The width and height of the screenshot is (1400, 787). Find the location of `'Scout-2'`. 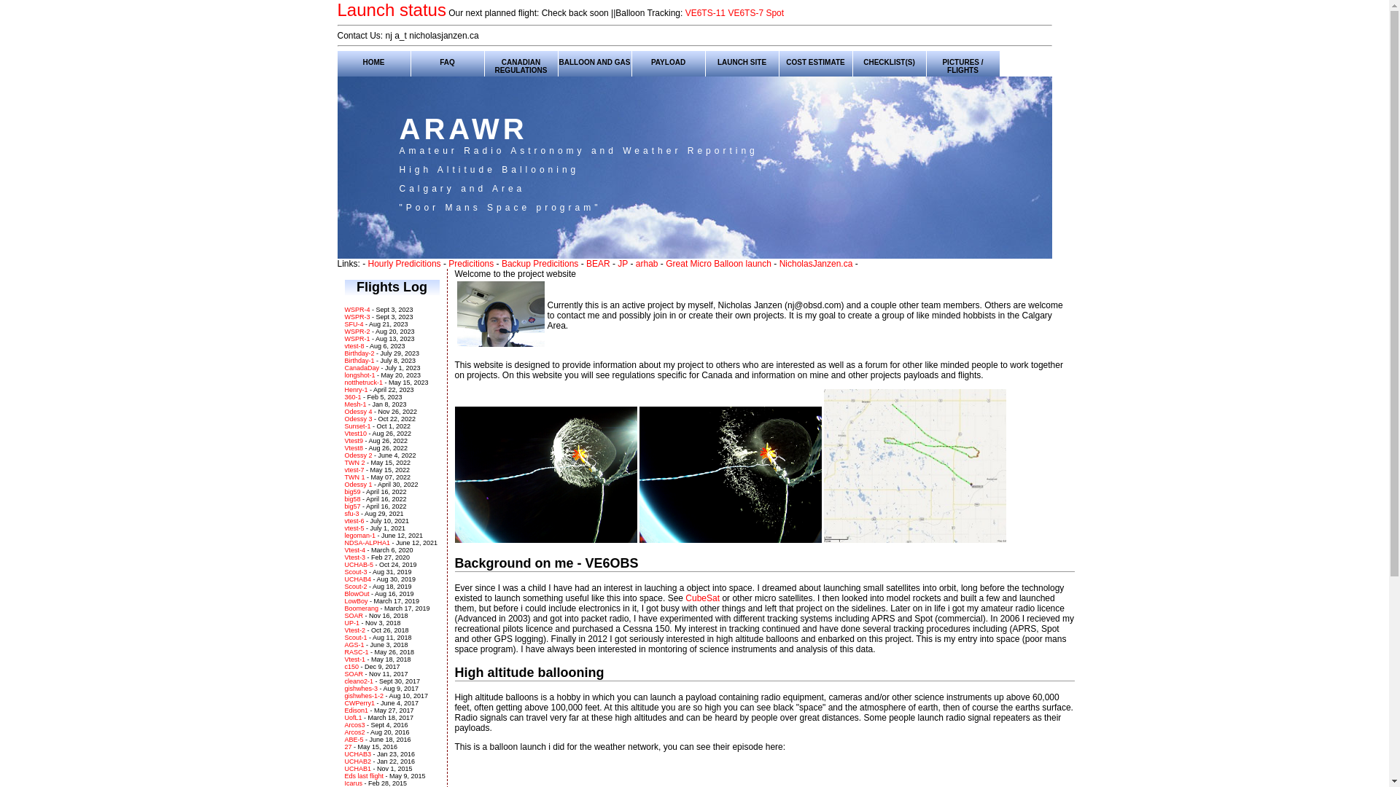

'Scout-2' is located at coordinates (355, 586).